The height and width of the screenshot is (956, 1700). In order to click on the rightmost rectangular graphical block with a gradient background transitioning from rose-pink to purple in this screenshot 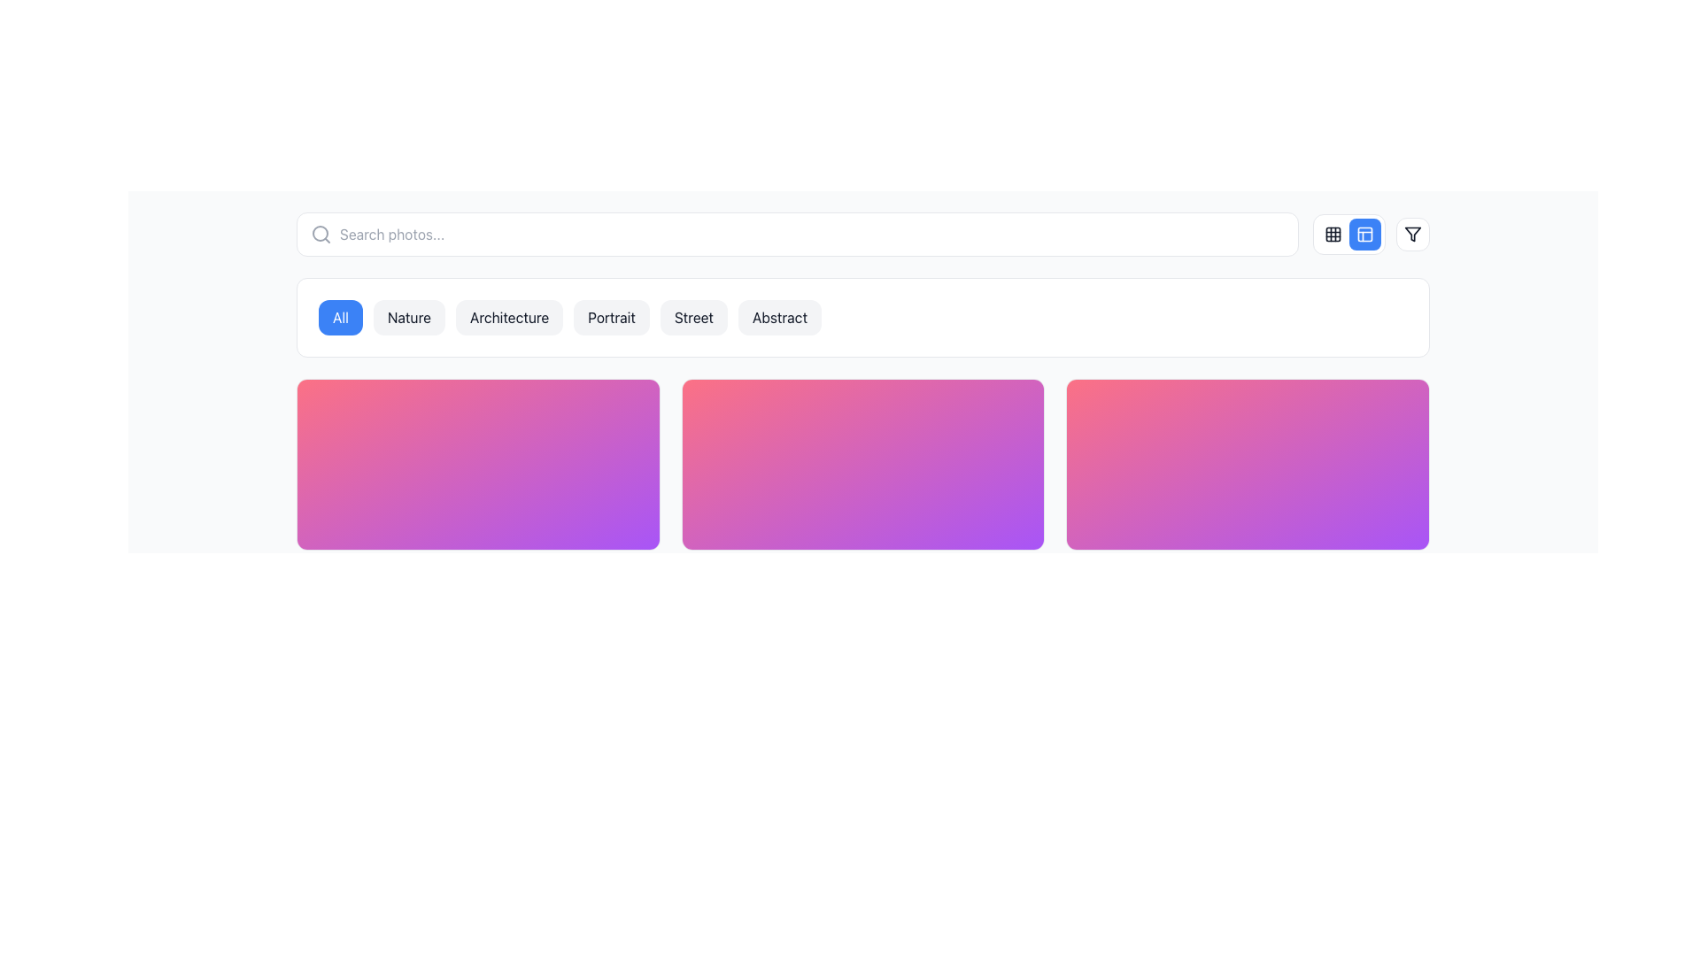, I will do `click(1247, 463)`.